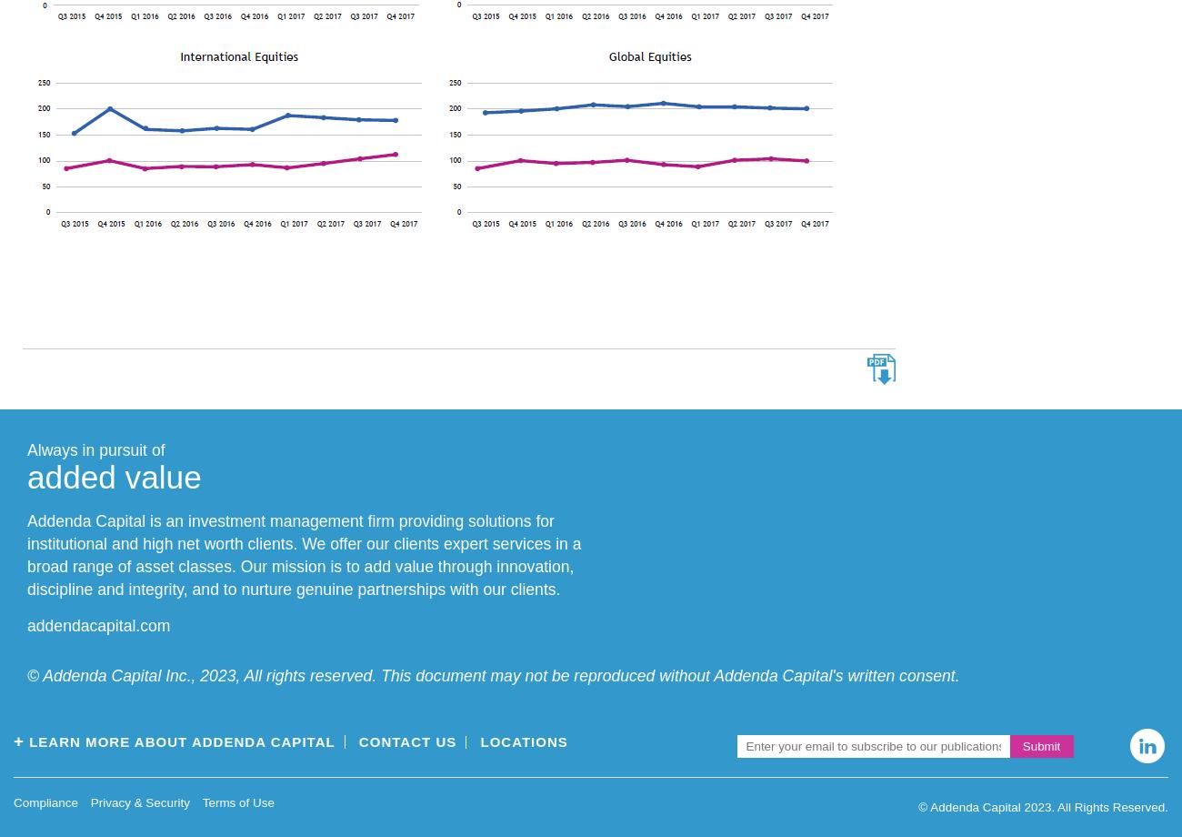  Describe the element at coordinates (17, 739) in the screenshot. I see `'+'` at that location.